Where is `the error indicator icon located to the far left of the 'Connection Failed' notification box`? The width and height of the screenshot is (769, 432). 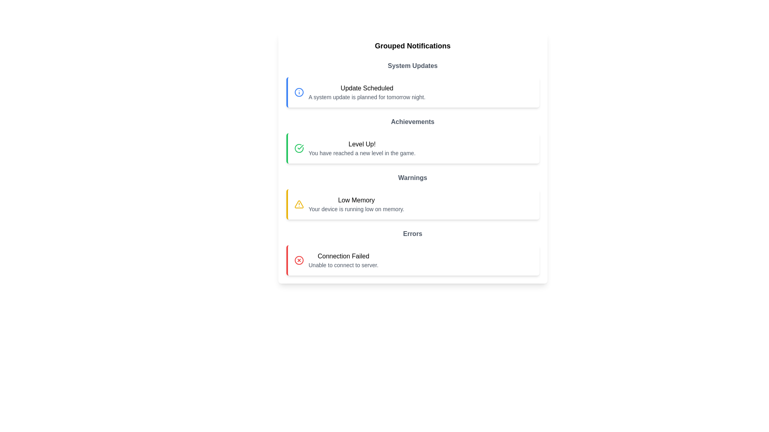 the error indicator icon located to the far left of the 'Connection Failed' notification box is located at coordinates (298, 260).